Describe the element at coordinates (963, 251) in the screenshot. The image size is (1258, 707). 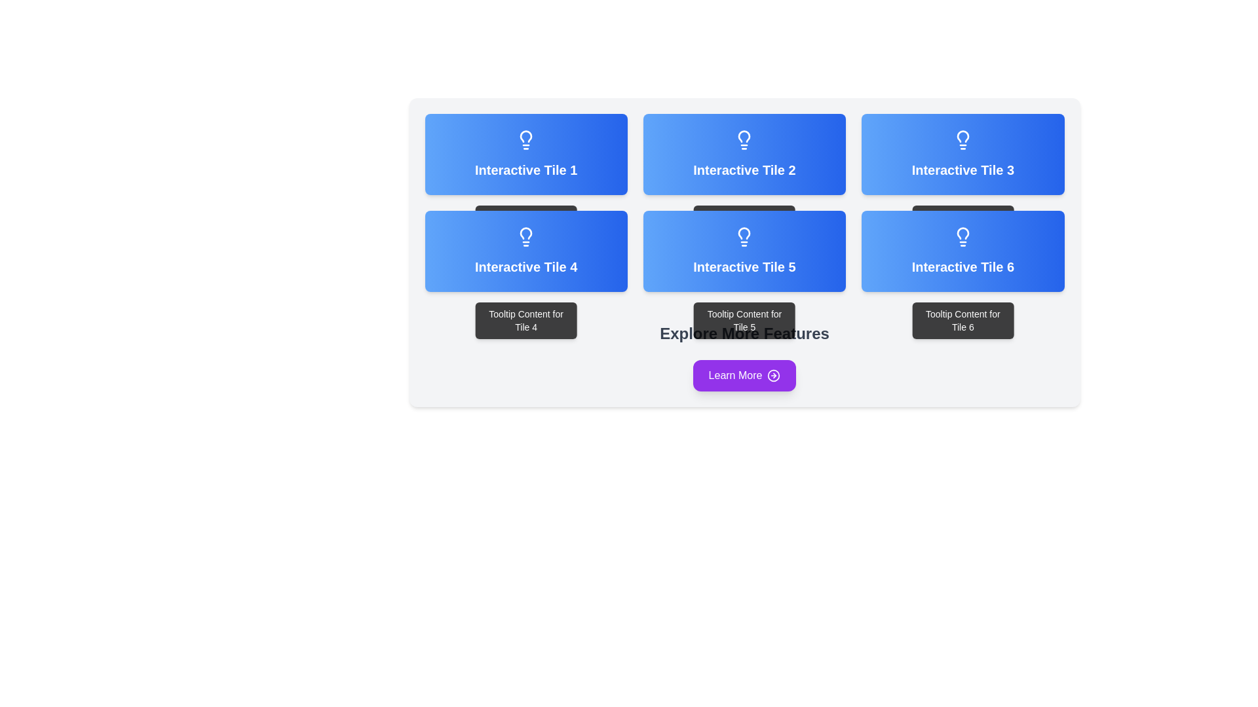
I see `the Interactive Tile 6, which has a gradient blue background, a white lightbulb icon, and bold white text 'Interactive Tile 6'` at that location.